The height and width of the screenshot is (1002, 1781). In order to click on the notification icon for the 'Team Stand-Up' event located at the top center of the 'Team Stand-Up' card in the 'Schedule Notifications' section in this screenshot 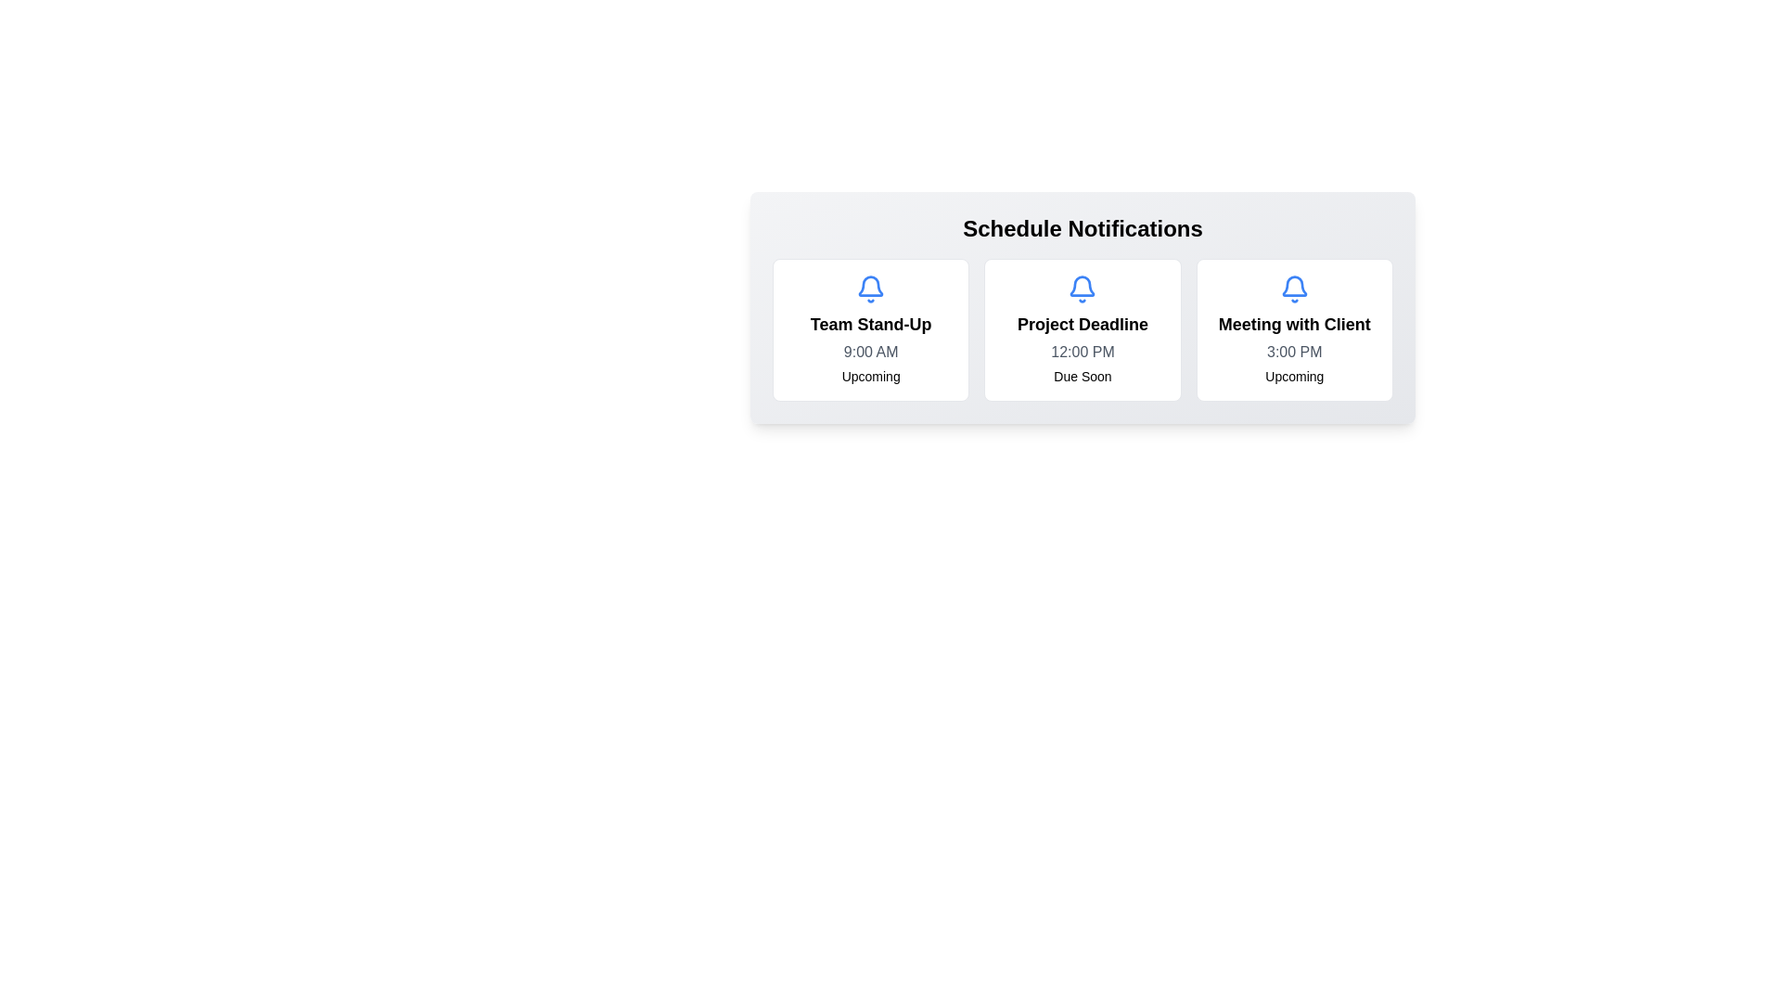, I will do `click(870, 289)`.